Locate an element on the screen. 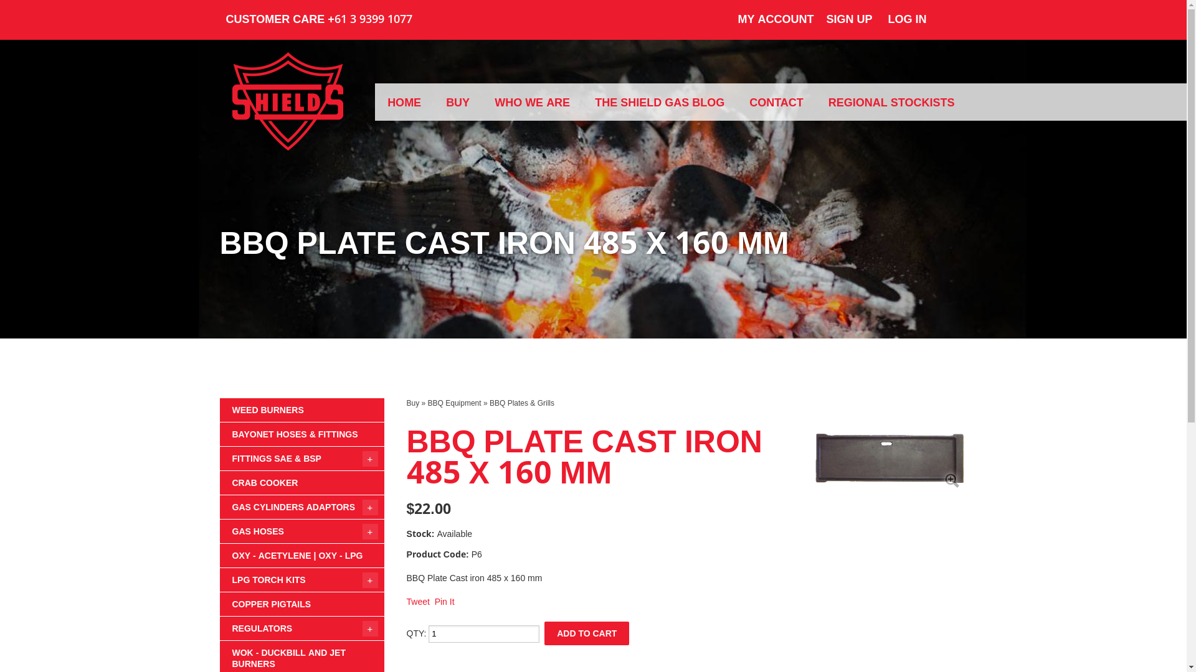 The image size is (1196, 672). 'GAS CYLINDERS ADAPTORS' is located at coordinates (301, 506).